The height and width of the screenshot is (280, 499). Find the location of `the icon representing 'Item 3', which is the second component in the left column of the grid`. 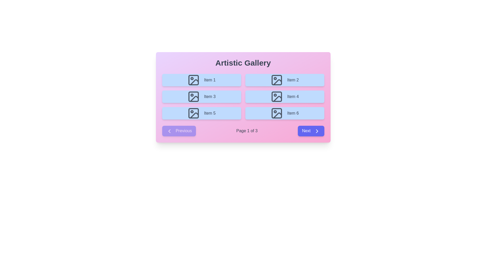

the icon representing 'Item 3', which is the second component in the left column of the grid is located at coordinates (193, 97).